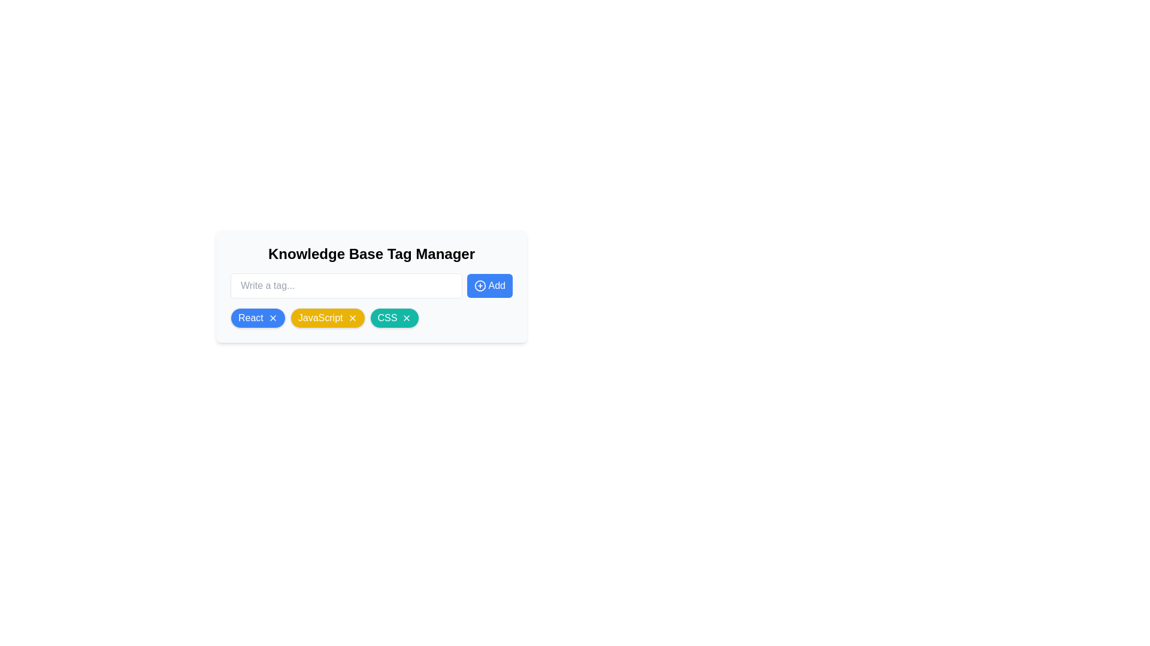  What do you see at coordinates (257, 318) in the screenshot?
I see `the close icon on the first selectable tag` at bounding box center [257, 318].